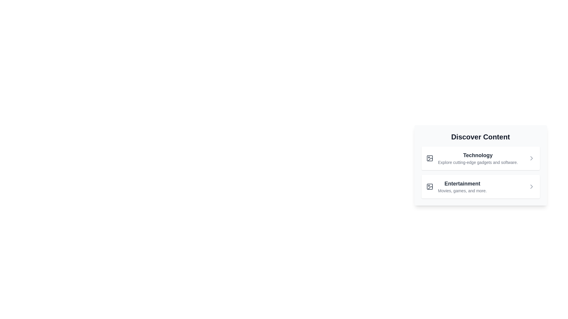 This screenshot has width=568, height=319. Describe the element at coordinates (430, 187) in the screenshot. I see `the larger rectangular shape with rounded corners that is part of the SVG icon positioned before the 'Entertainment' text label` at that location.